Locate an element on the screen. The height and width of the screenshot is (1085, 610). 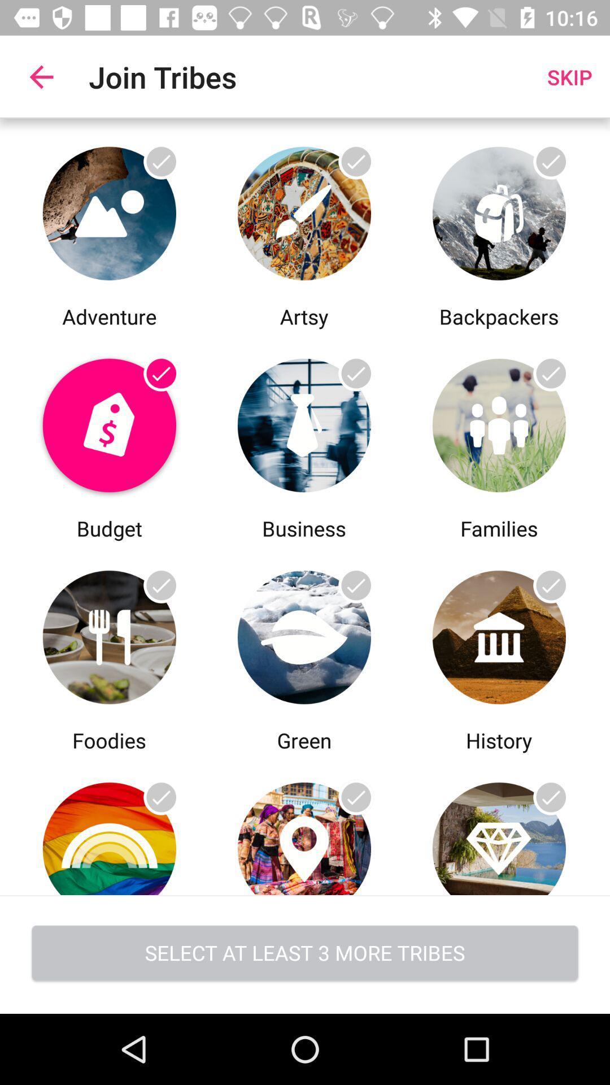
the select at least icon is located at coordinates (305, 954).